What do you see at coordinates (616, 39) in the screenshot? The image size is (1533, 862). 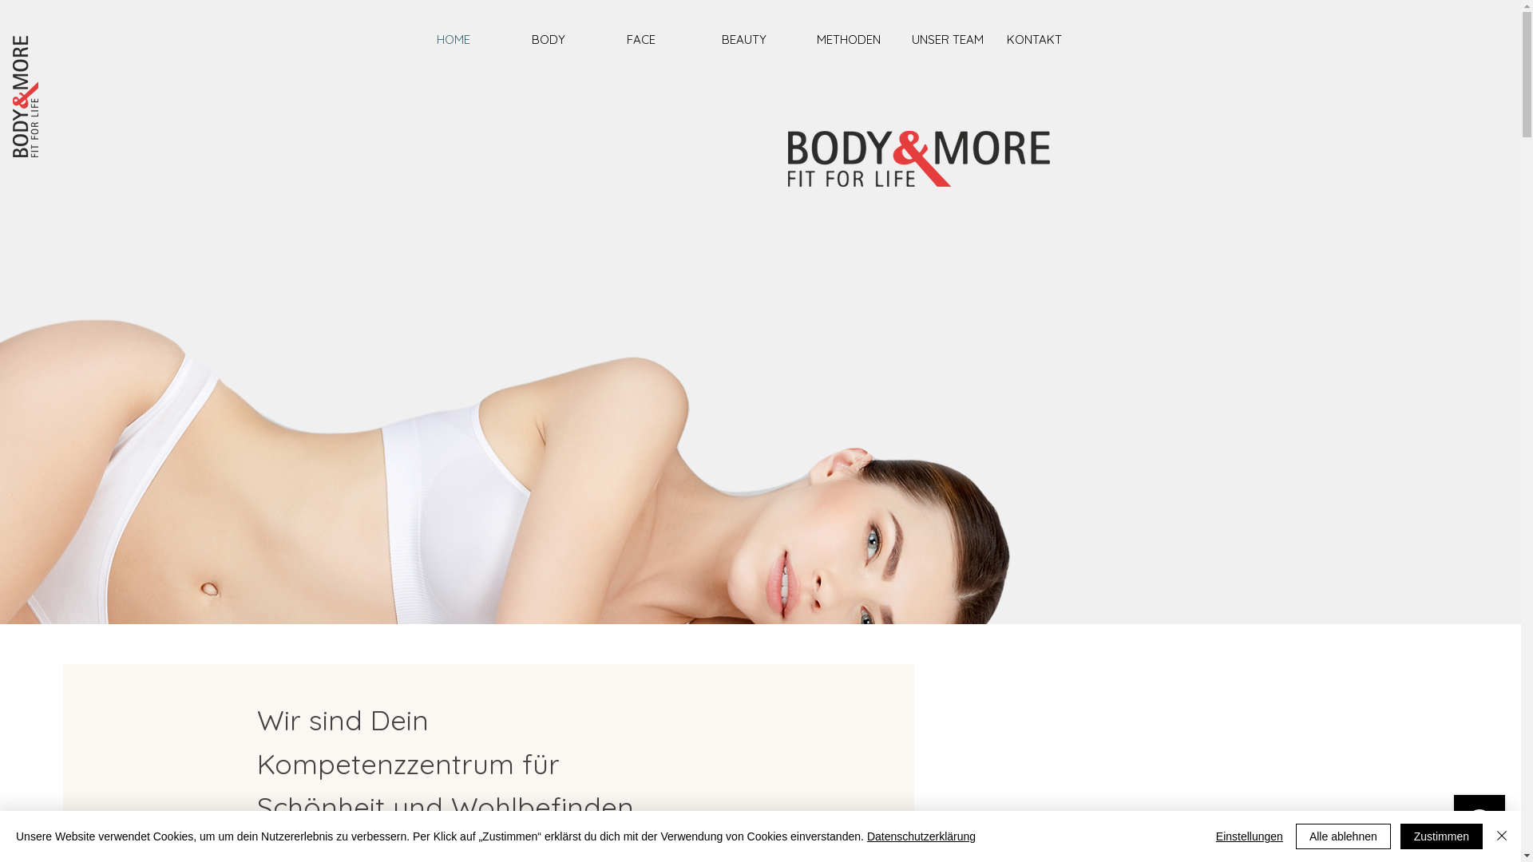 I see `'FACE'` at bounding box center [616, 39].